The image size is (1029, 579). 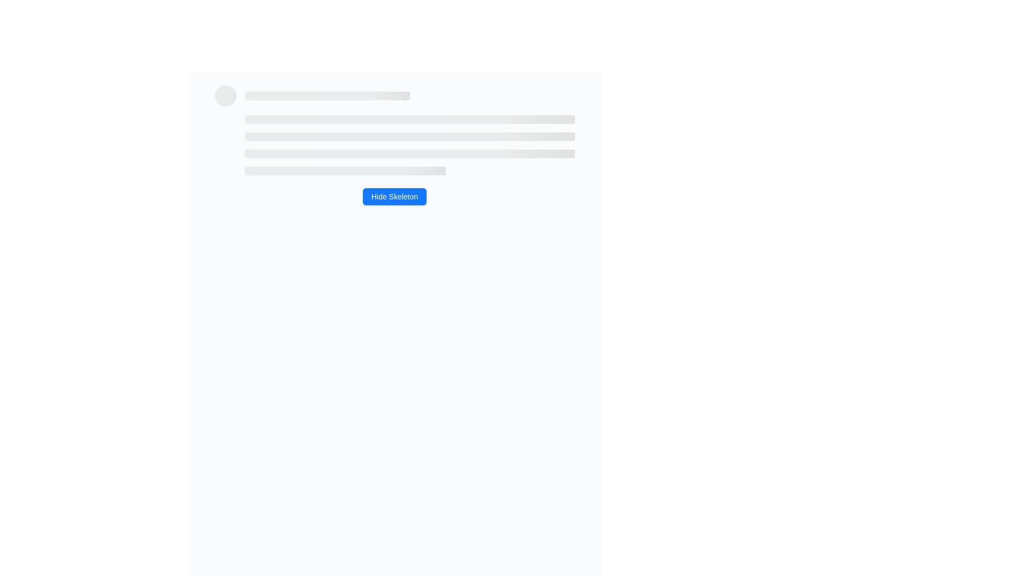 I want to click on the rectangular button with a blue background and white bold text that reads 'Hide Skeleton', so click(x=394, y=196).